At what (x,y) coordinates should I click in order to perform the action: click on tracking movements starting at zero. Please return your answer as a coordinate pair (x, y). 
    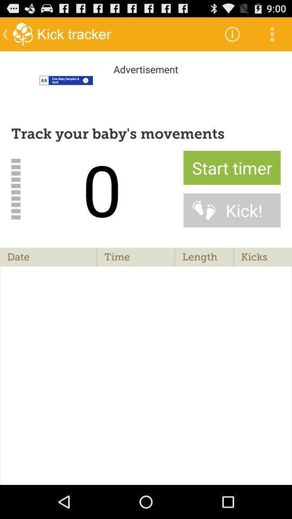
    Looking at the image, I should click on (146, 93).